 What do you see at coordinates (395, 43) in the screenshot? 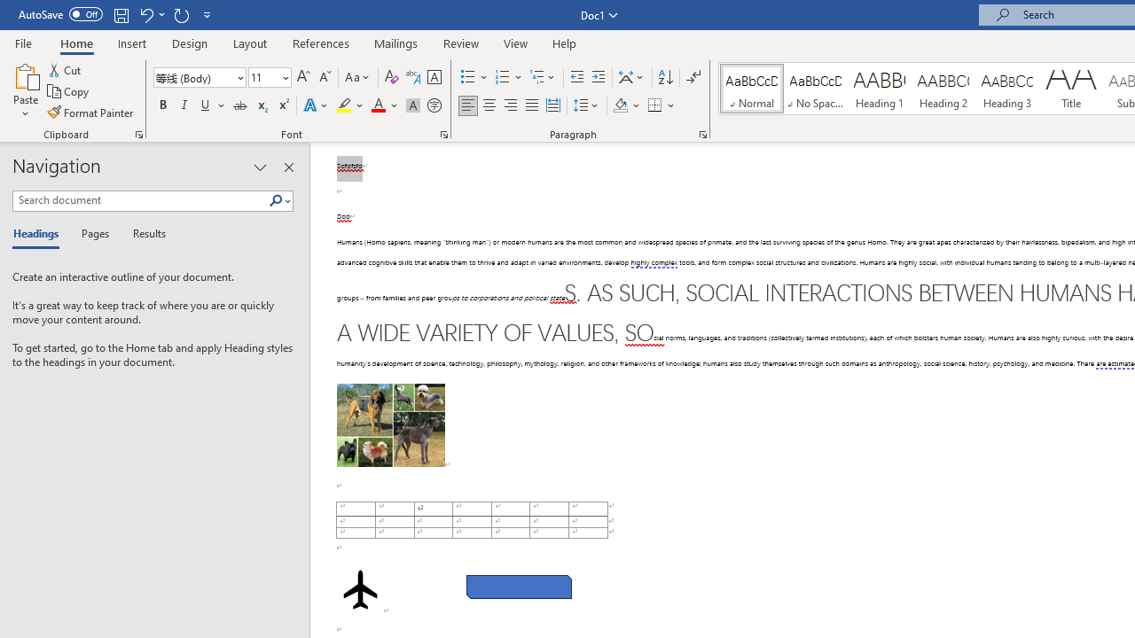
I see `'Mailings'` at bounding box center [395, 43].